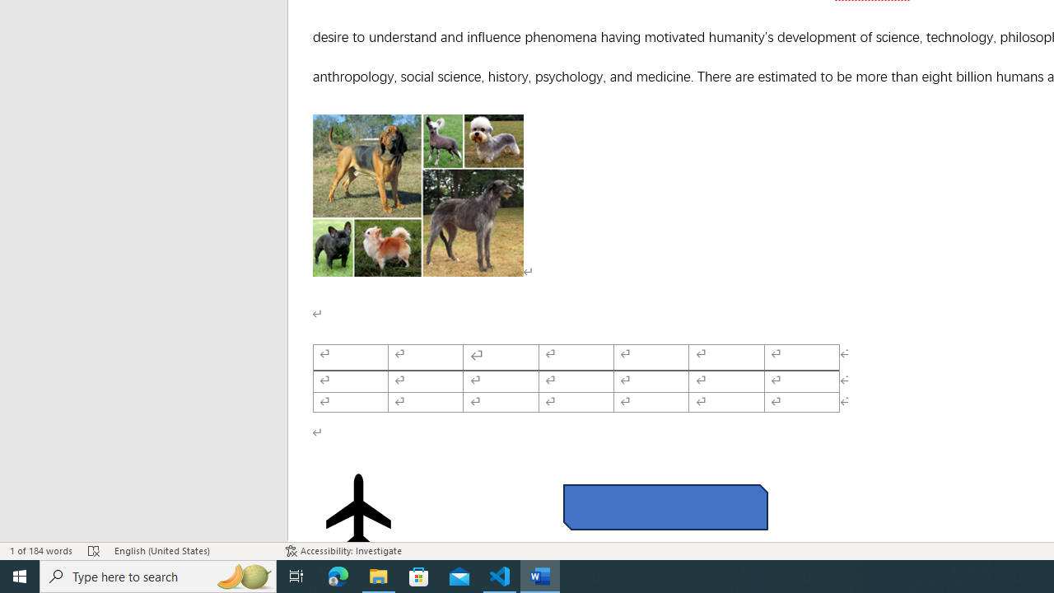 This screenshot has width=1054, height=593. I want to click on 'Airplane with solid fill', so click(357, 511).